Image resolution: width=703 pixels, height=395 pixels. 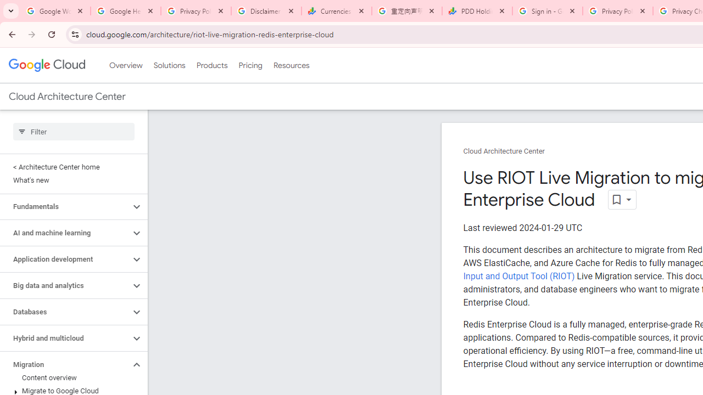 I want to click on 'Pricing', so click(x=249, y=65).